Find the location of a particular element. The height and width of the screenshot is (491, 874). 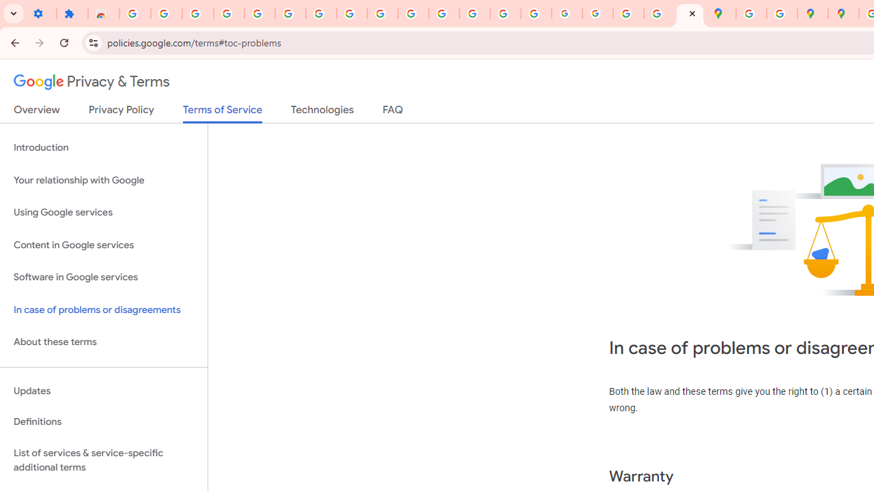

'Using Google services' is located at coordinates (103, 213).